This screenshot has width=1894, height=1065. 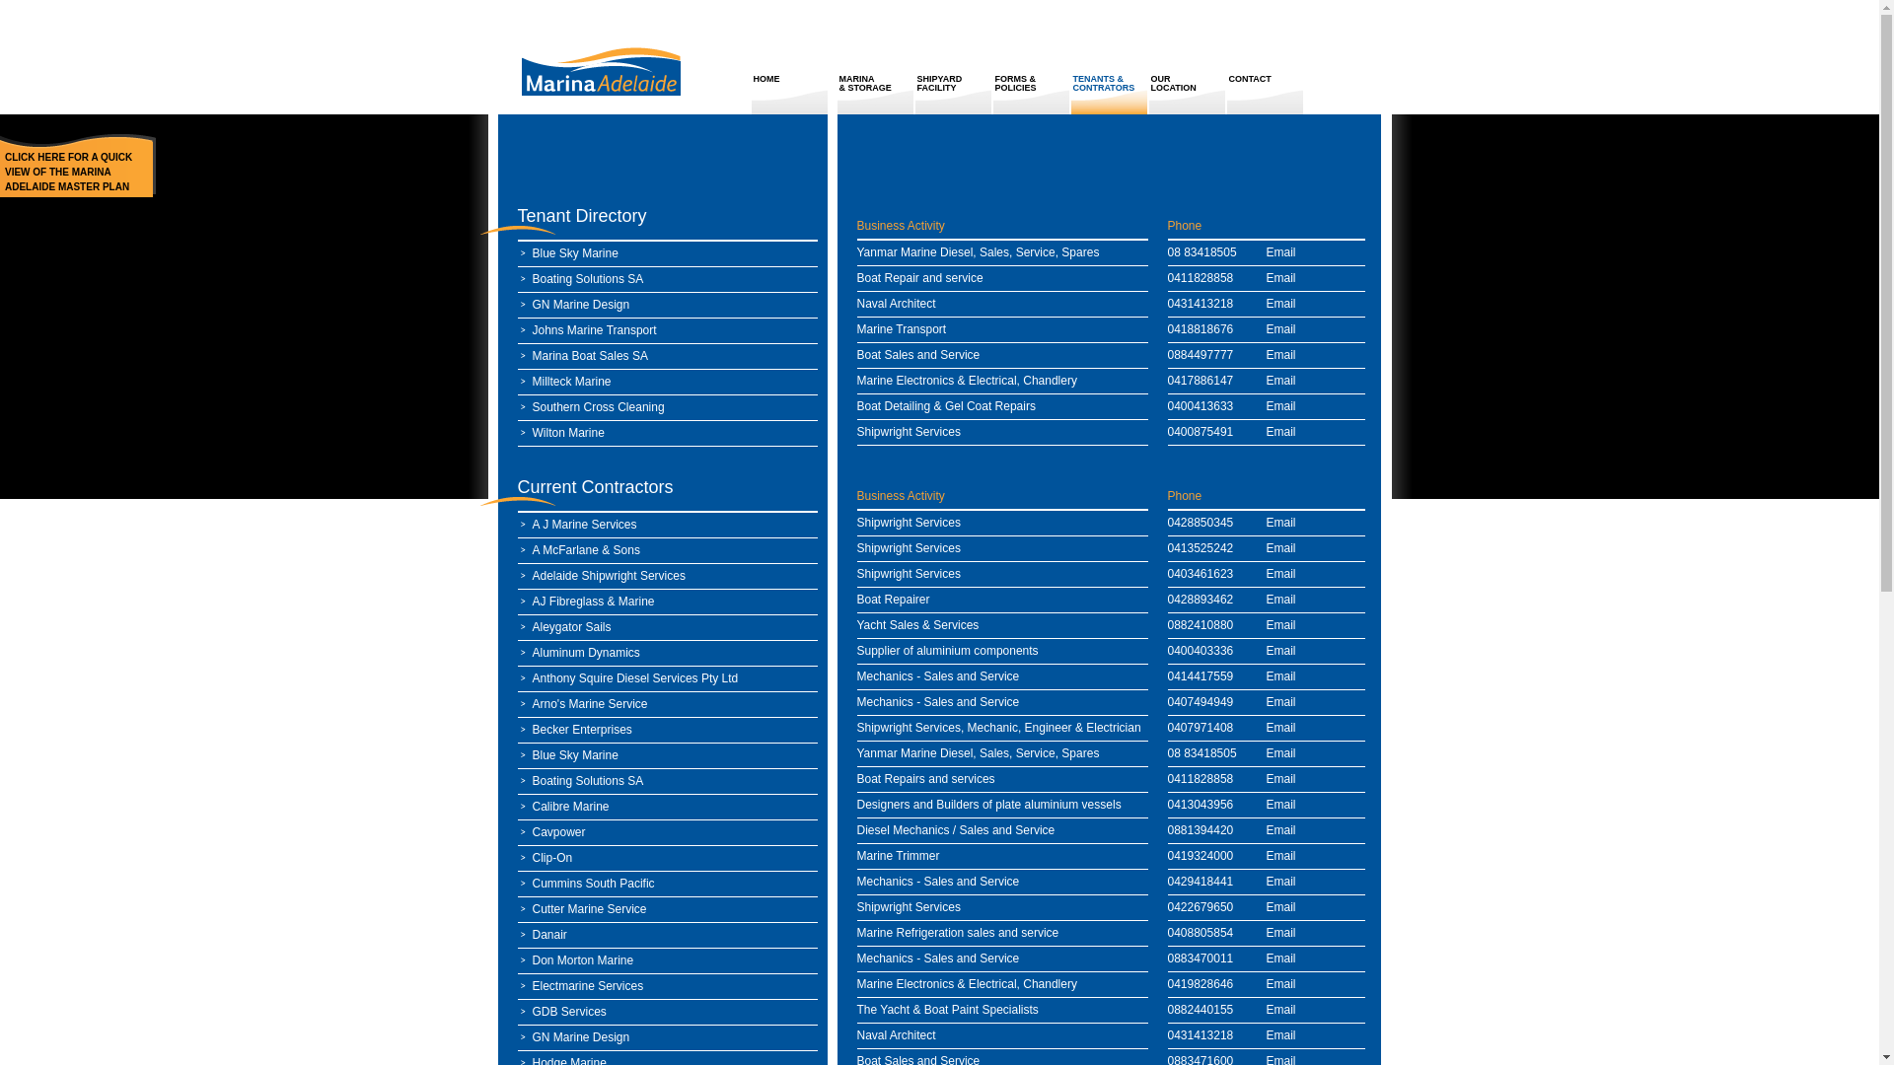 What do you see at coordinates (1281, 574) in the screenshot?
I see `'Email'` at bounding box center [1281, 574].